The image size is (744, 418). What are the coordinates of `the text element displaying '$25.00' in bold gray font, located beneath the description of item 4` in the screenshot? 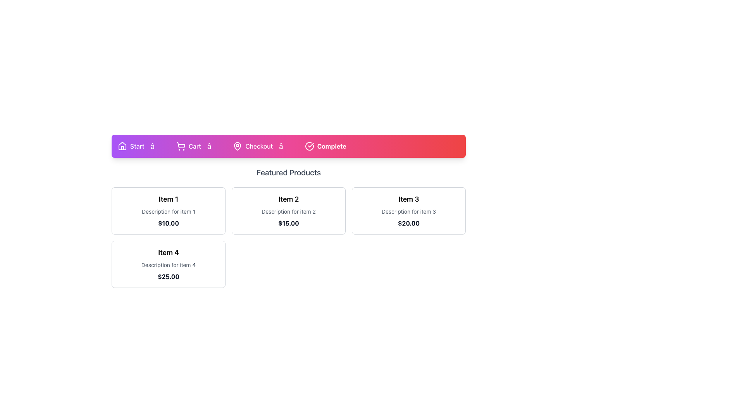 It's located at (168, 276).